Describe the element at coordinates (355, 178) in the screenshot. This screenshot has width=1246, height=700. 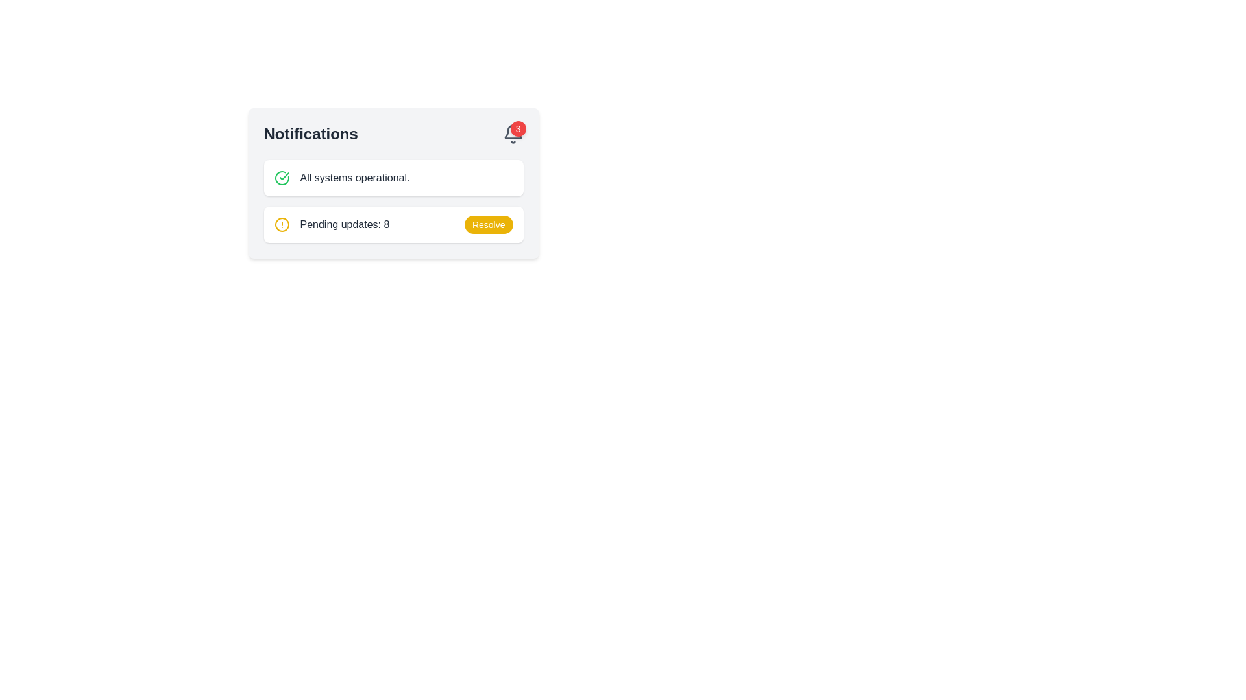
I see `text displayed in the Text Display element that shows 'All systems operational.' within the first notification card at the top of the notification panel` at that location.